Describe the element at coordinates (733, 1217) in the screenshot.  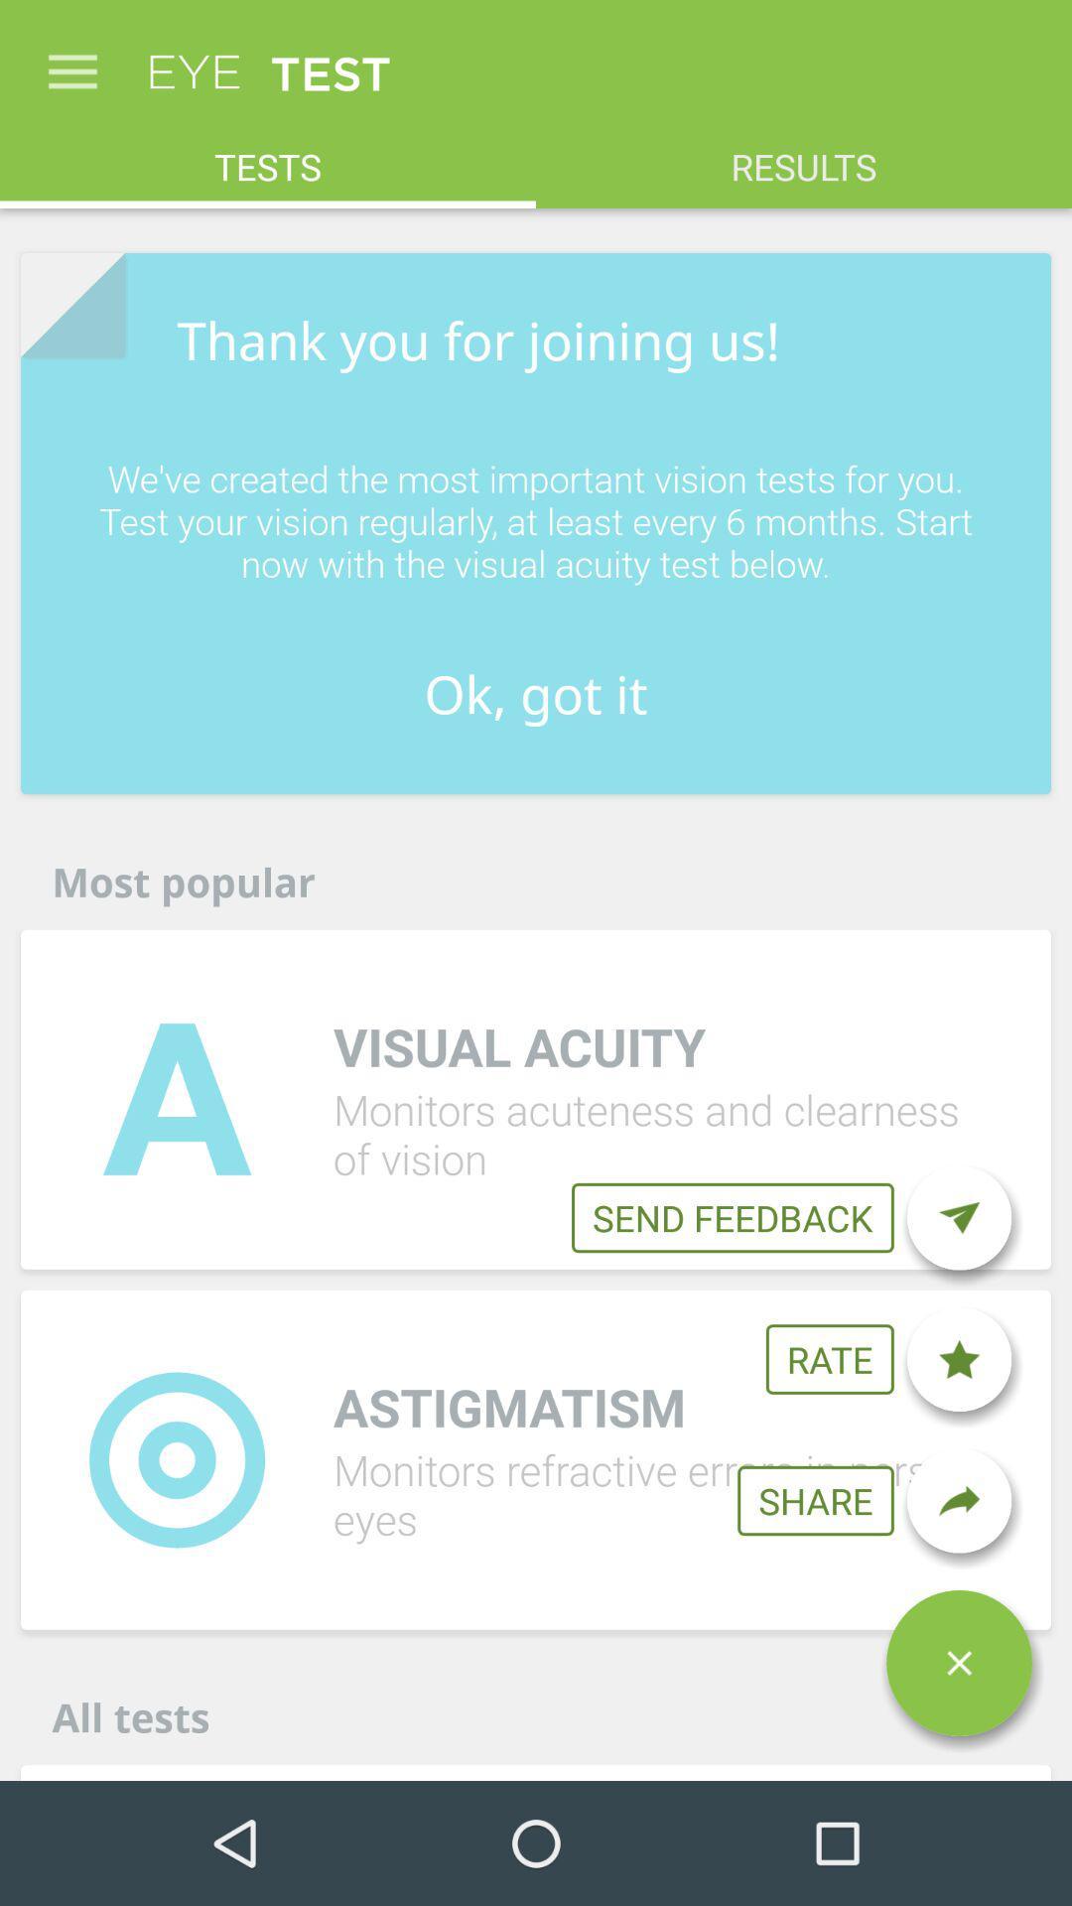
I see `the icon below visual acuity item` at that location.